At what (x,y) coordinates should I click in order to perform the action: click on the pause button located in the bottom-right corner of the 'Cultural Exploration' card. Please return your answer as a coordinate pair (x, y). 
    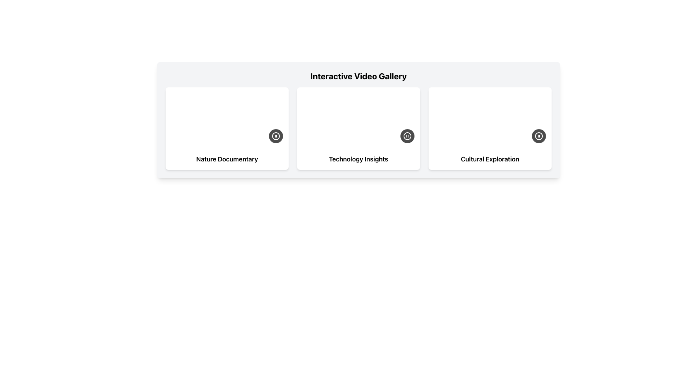
    Looking at the image, I should click on (538, 136).